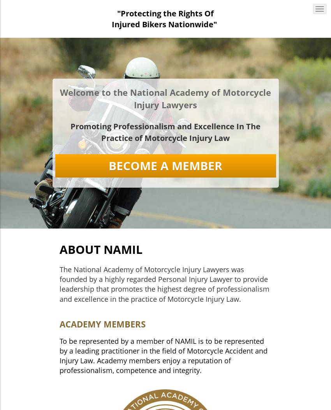 The image size is (331, 410). I want to click on 'Injured Bikers Nationwide"', so click(164, 24).